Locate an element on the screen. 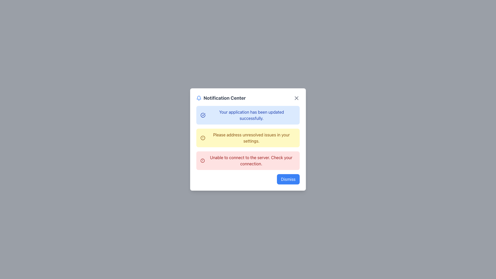  the alert icon located to the left of the yellow notification message that says 'Please address unresolved issues in your settings' is located at coordinates (203, 137).